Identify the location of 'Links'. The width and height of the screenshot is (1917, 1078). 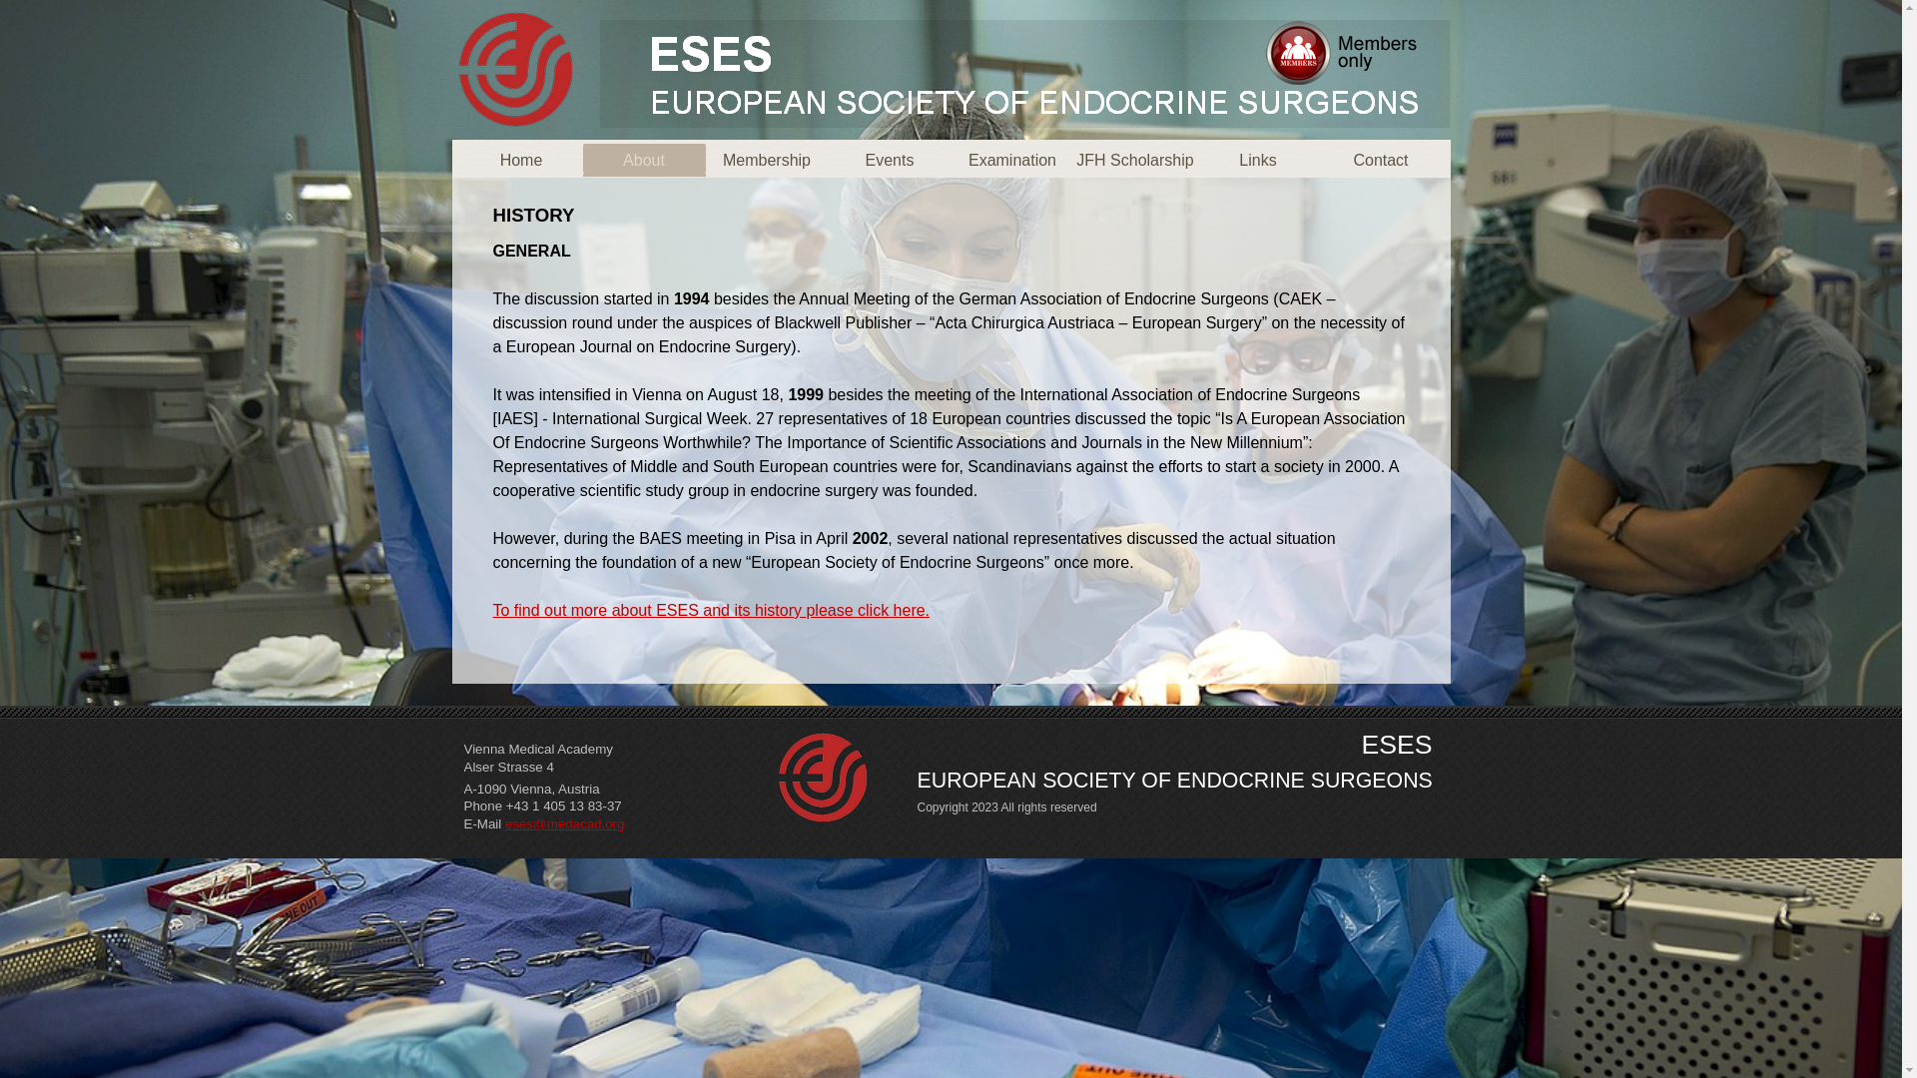
(1256, 159).